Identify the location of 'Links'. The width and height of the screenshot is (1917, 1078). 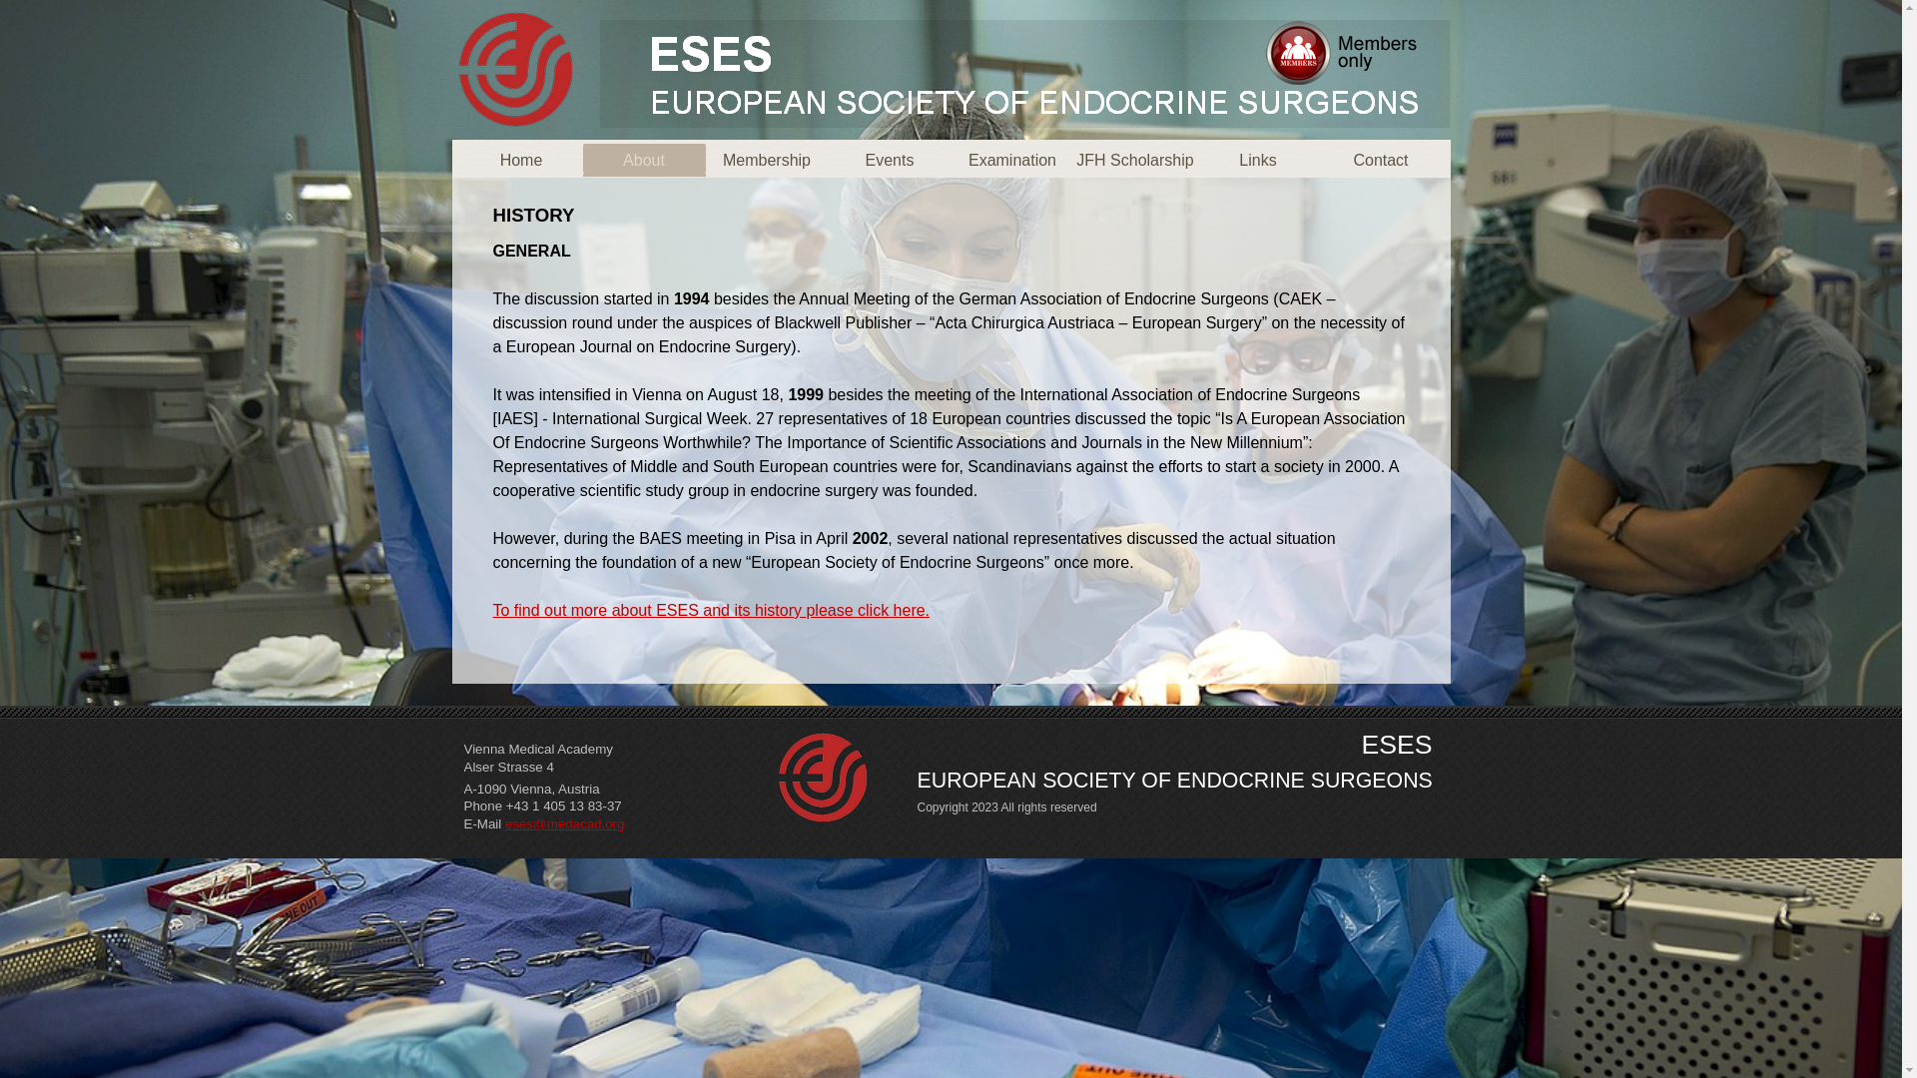
(1256, 159).